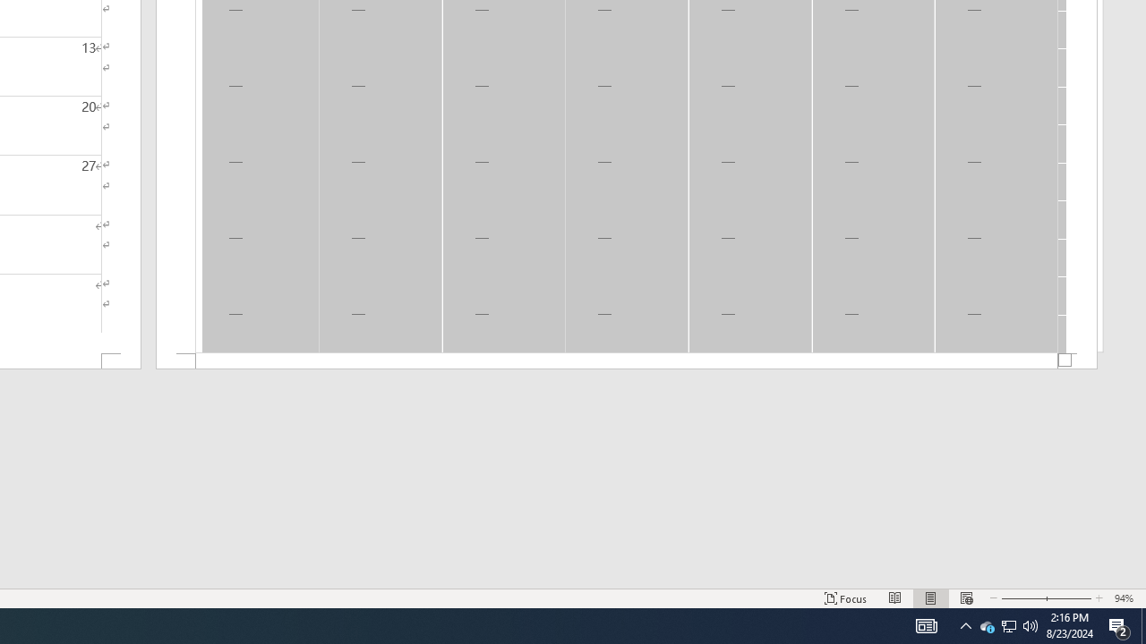 Image resolution: width=1146 pixels, height=644 pixels. What do you see at coordinates (1022, 598) in the screenshot?
I see `'Zoom Out'` at bounding box center [1022, 598].